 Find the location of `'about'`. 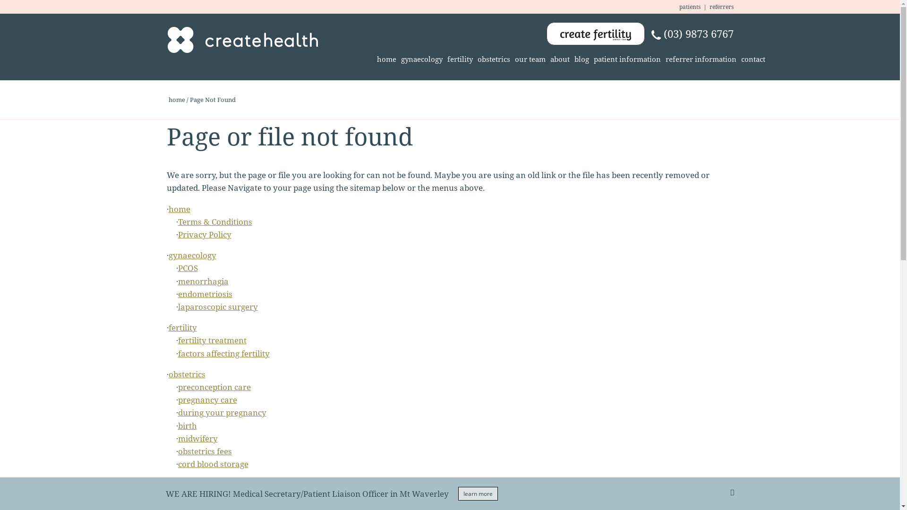

'about' is located at coordinates (560, 59).